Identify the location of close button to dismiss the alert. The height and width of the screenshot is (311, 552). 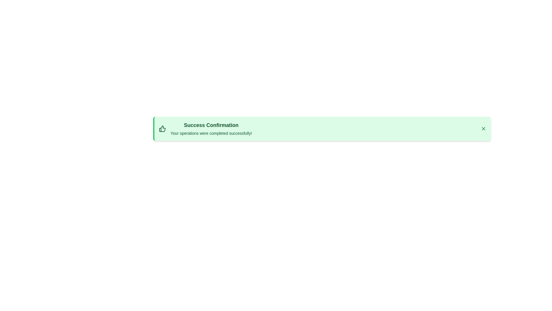
(483, 128).